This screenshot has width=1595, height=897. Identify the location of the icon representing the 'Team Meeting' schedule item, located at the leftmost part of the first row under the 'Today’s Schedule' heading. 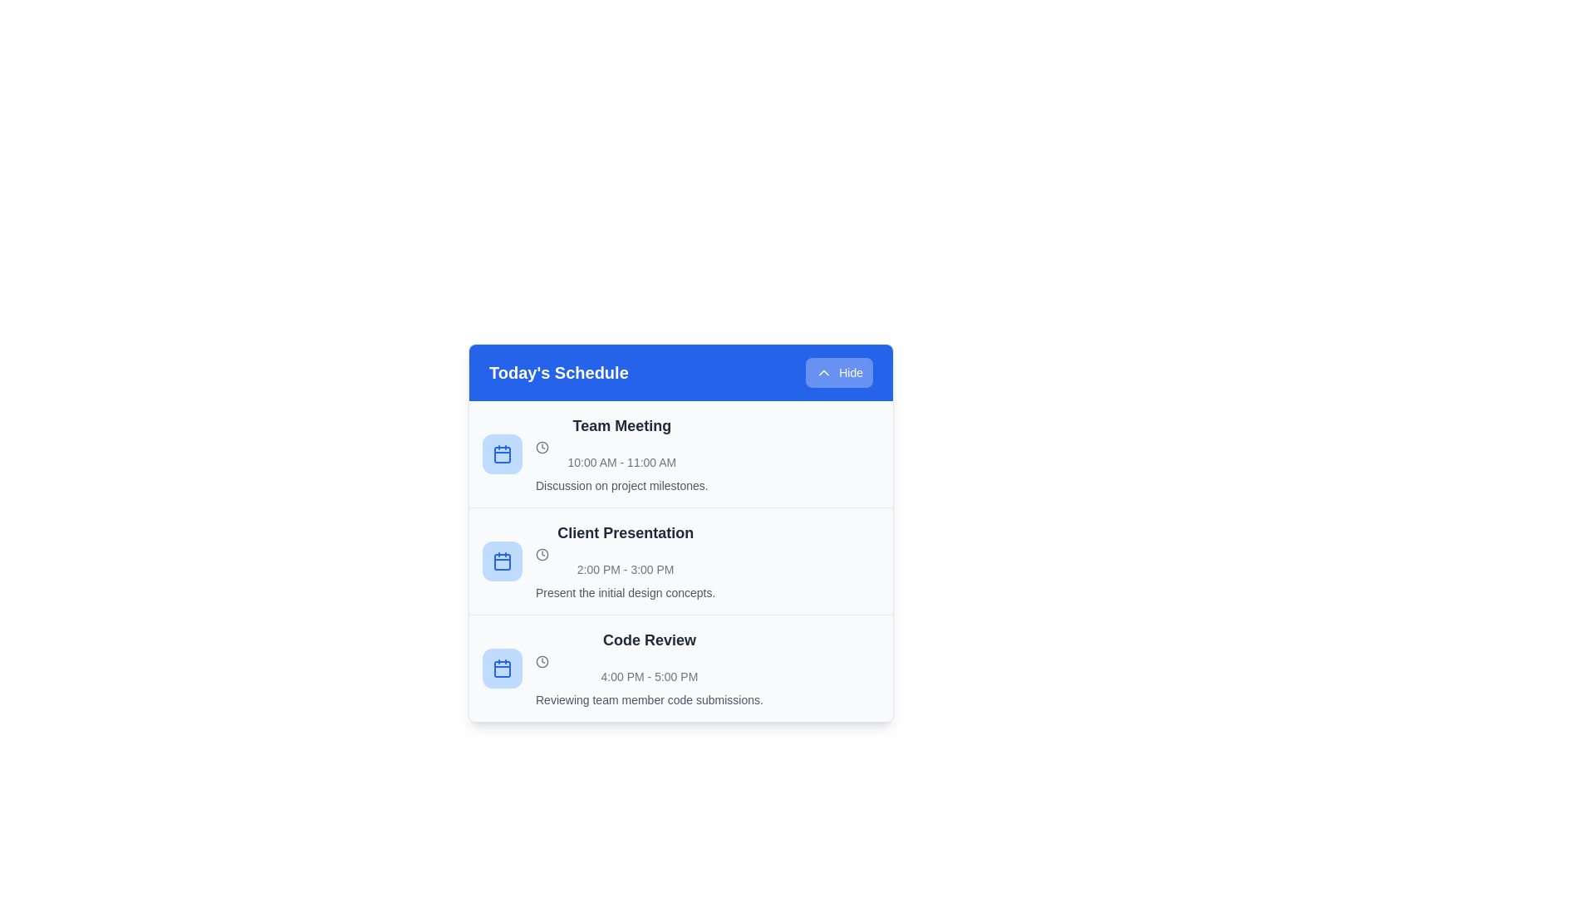
(501, 454).